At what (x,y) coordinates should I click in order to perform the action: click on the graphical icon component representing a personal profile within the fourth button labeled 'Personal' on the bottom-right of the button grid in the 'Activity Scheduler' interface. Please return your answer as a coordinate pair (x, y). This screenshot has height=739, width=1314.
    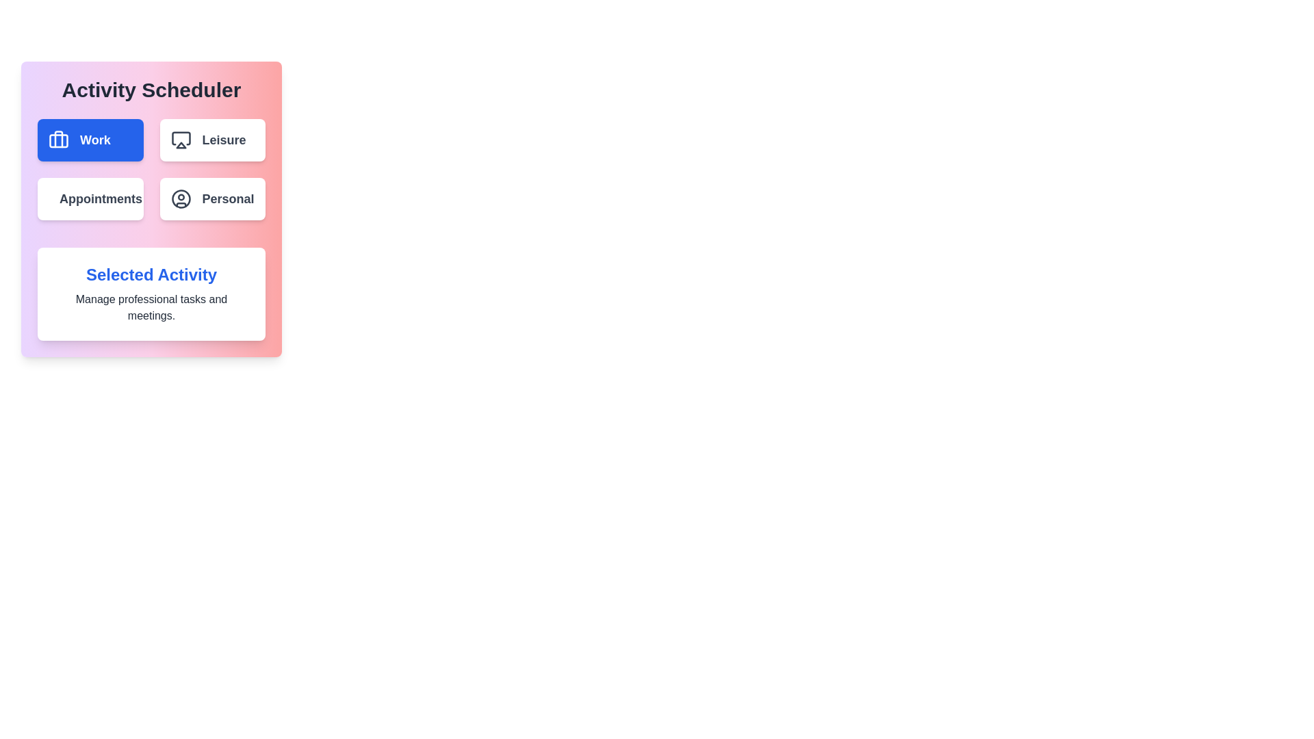
    Looking at the image, I should click on (180, 198).